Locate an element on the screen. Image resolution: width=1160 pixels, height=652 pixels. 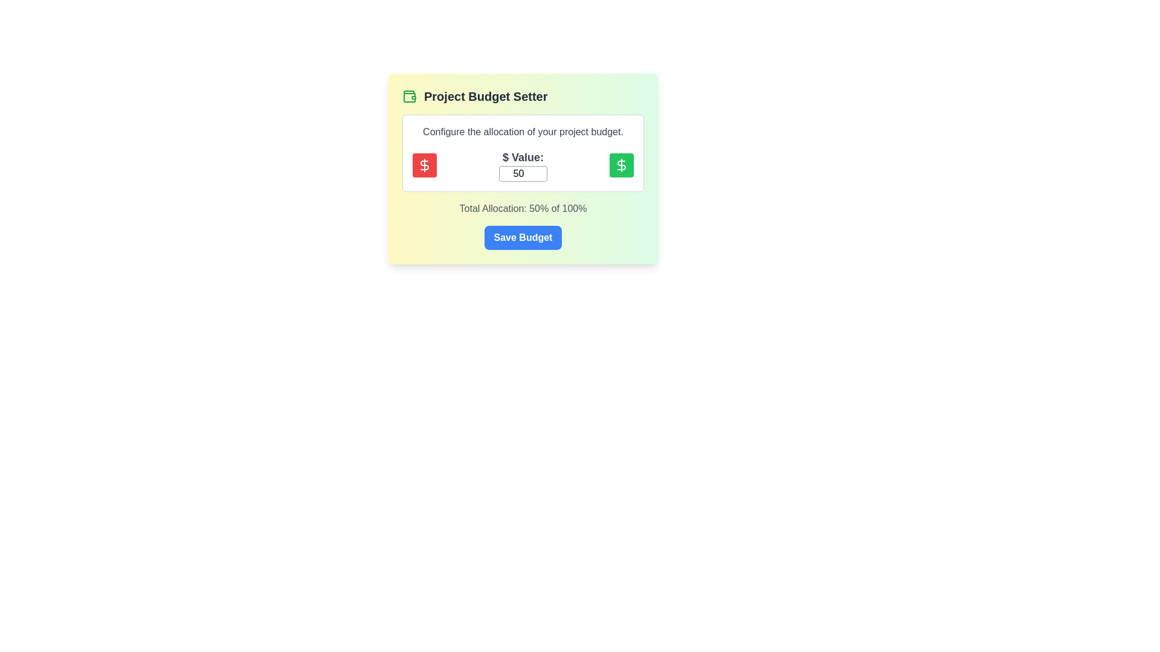
the Number input box element, which is a small rectangular box with rounded corners and a light gray border, located below the label '$ Value:' and between a red button on the left and a green button on the right is located at coordinates (523, 174).